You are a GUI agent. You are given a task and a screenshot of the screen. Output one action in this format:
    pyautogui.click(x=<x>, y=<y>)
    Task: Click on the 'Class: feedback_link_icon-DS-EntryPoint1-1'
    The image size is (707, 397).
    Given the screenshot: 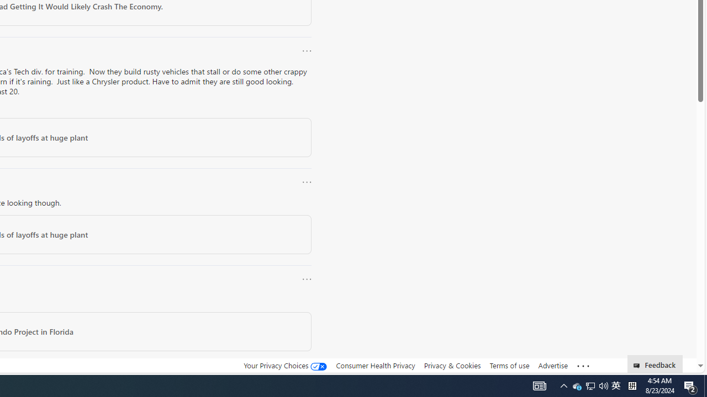 What is the action you would take?
    pyautogui.click(x=639, y=366)
    